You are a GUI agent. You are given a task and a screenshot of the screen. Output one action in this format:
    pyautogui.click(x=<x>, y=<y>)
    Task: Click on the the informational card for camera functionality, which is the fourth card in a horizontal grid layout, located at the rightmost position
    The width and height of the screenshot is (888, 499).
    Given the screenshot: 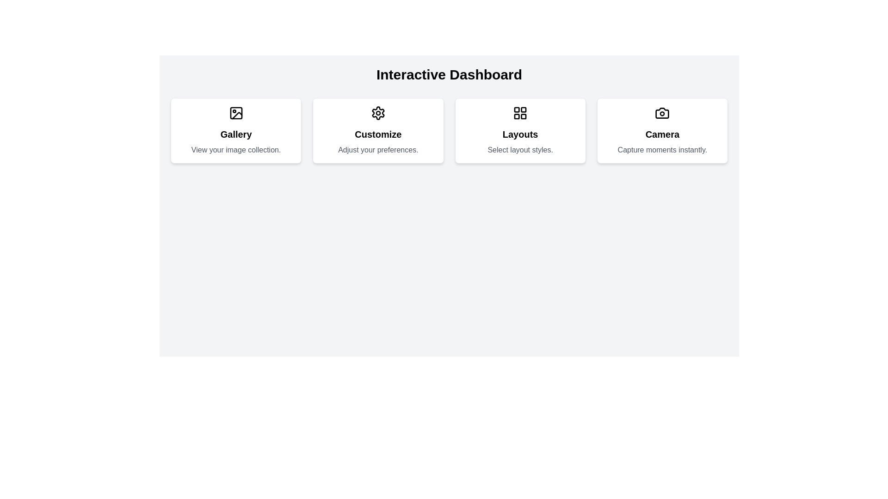 What is the action you would take?
    pyautogui.click(x=662, y=130)
    